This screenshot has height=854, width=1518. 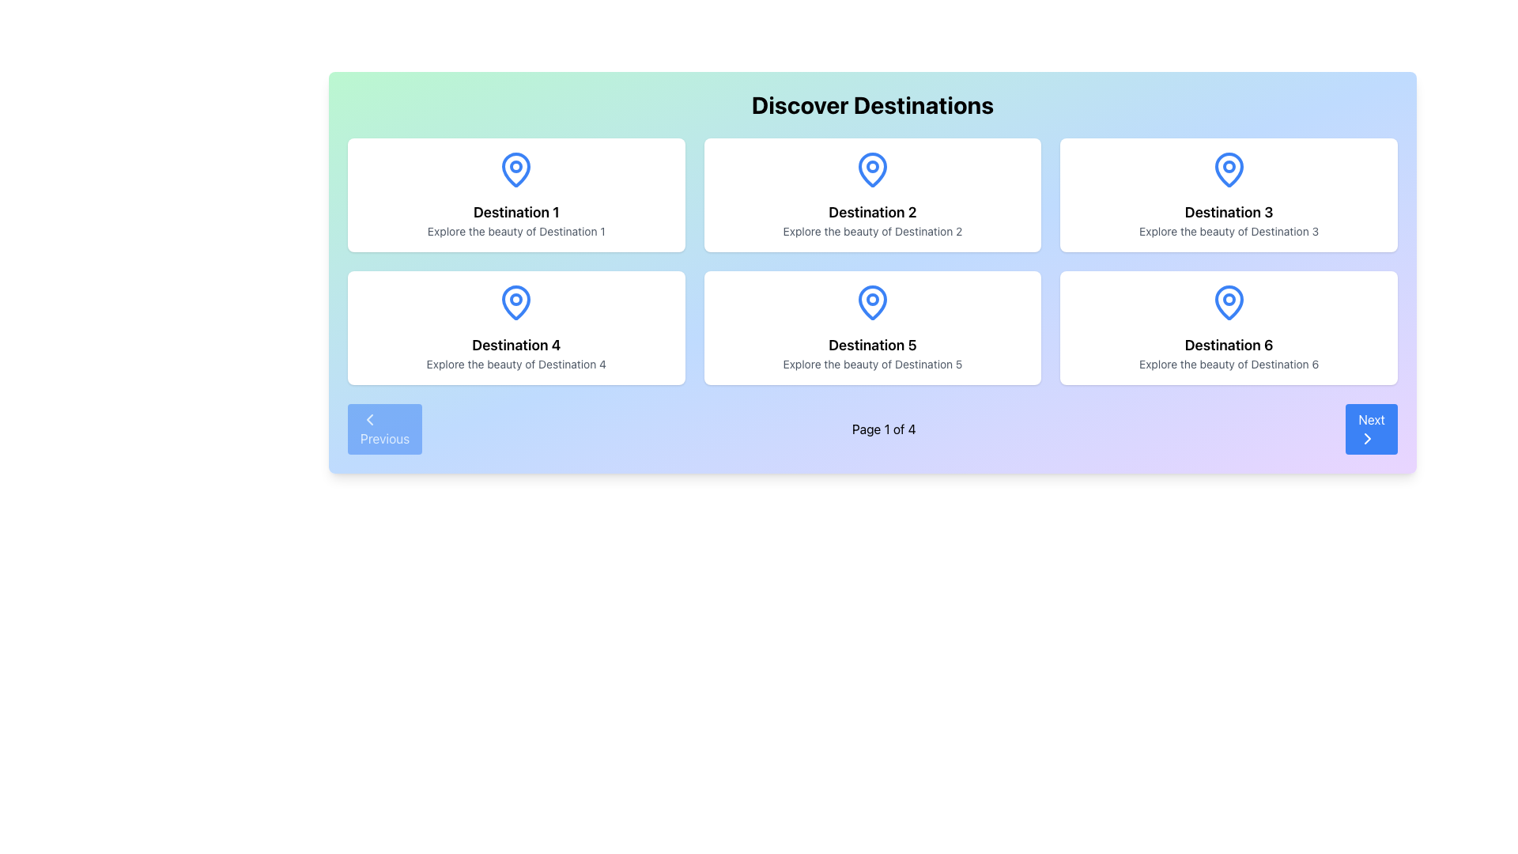 I want to click on the circular icon within the location pin for 'Destination 4', which is styled with a blue outline and located in the bottom-left corner of the grid layout, so click(x=516, y=299).